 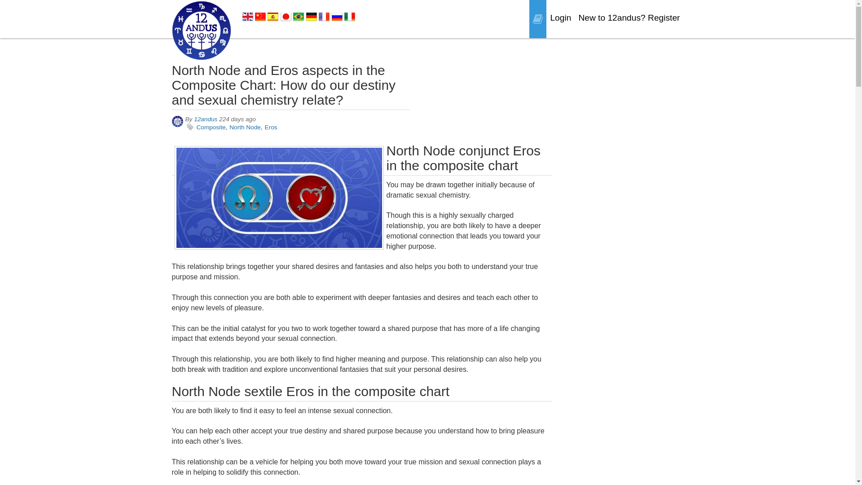 I want to click on 'New to 12andus? Register', so click(x=629, y=18).